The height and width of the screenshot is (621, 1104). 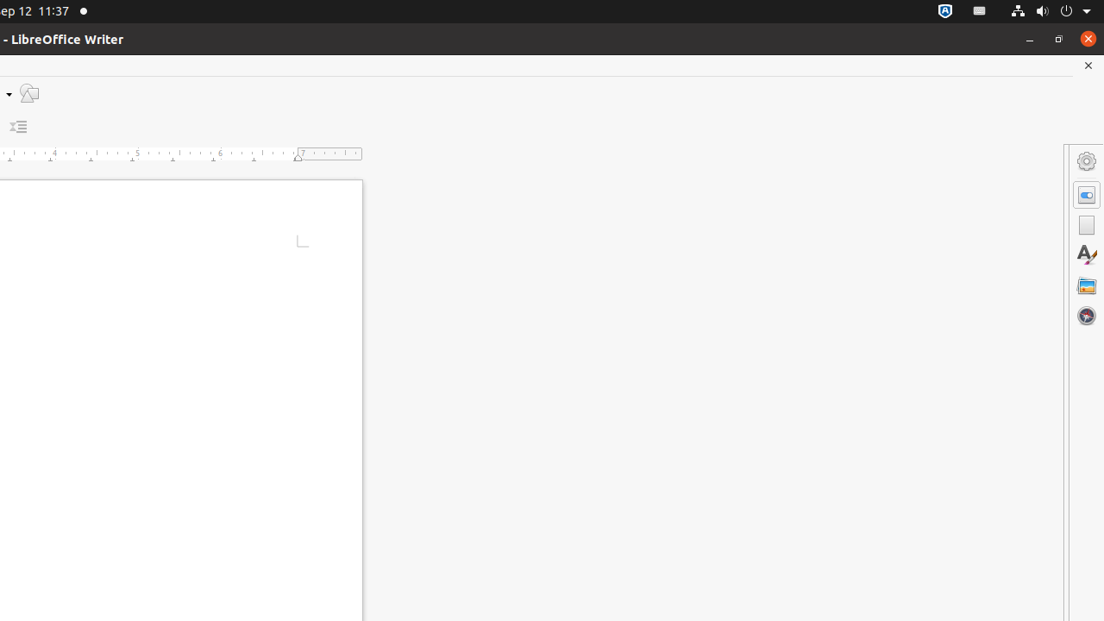 What do you see at coordinates (18, 126) in the screenshot?
I see `'Decrease'` at bounding box center [18, 126].